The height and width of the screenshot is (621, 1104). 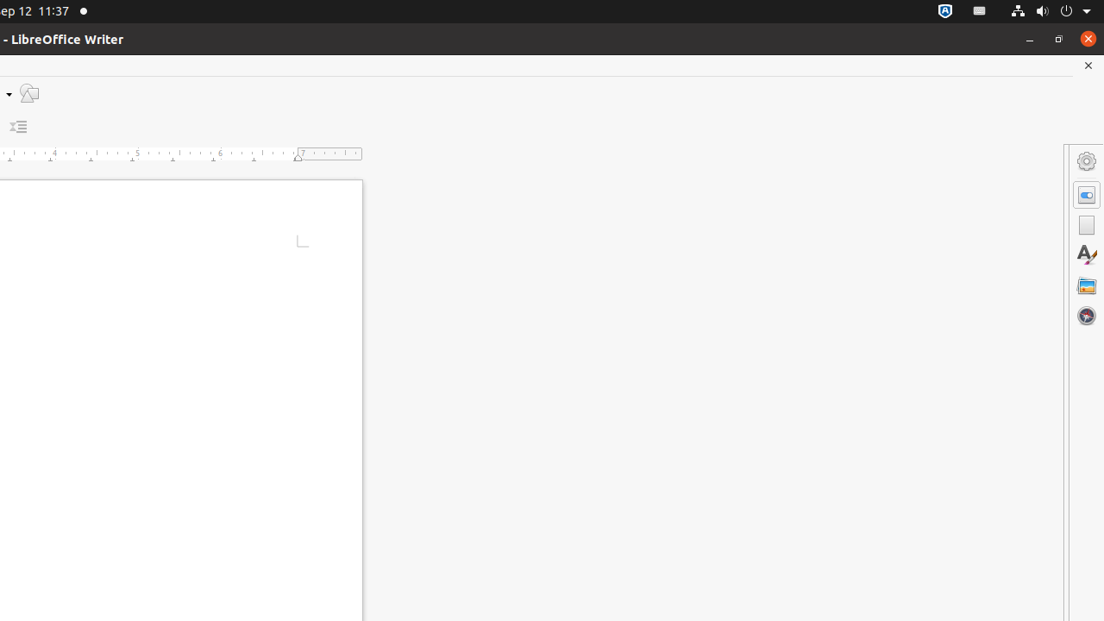 What do you see at coordinates (18, 126) in the screenshot?
I see `'Decrease'` at bounding box center [18, 126].